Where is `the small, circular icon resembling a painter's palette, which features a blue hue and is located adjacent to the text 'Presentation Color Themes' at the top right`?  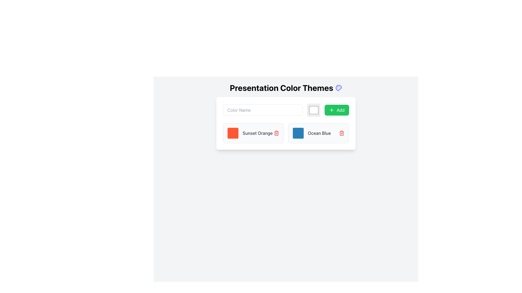
the small, circular icon resembling a painter's palette, which features a blue hue and is located adjacent to the text 'Presentation Color Themes' at the top right is located at coordinates (338, 88).